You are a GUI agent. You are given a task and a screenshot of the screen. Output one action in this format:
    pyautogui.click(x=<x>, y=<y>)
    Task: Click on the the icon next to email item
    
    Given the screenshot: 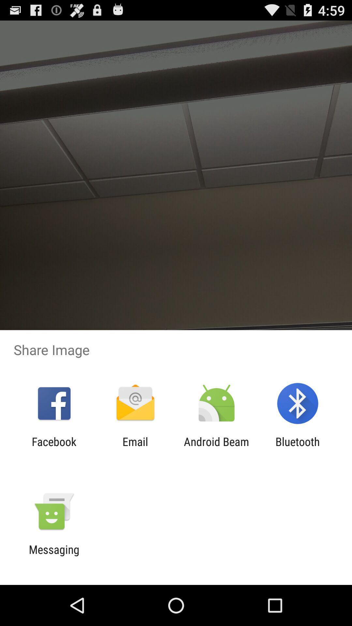 What is the action you would take?
    pyautogui.click(x=216, y=448)
    